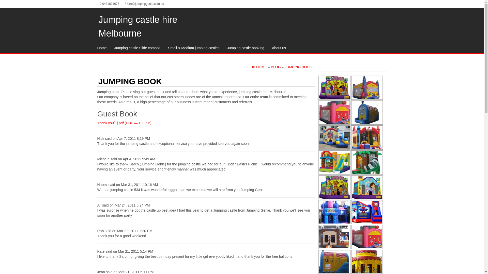 This screenshot has height=274, width=488. Describe the element at coordinates (334, 187) in the screenshot. I see `'Scooby Doo  Castle 523.jpg'` at that location.